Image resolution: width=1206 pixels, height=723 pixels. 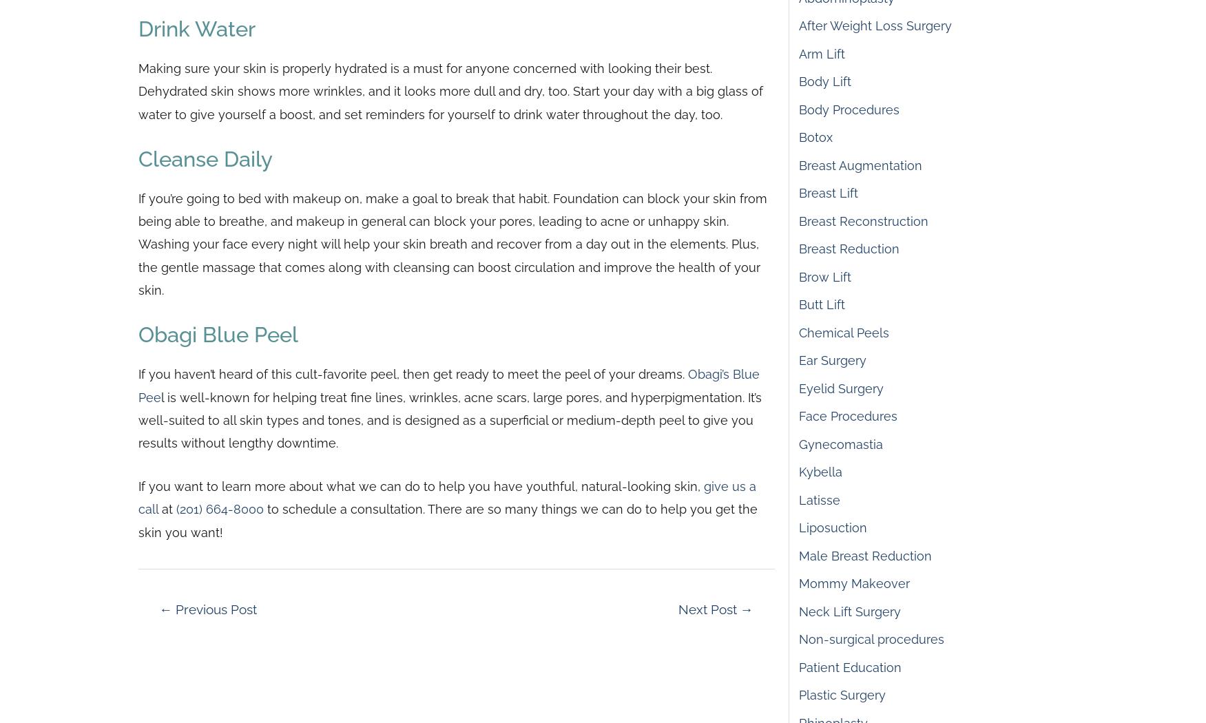 I want to click on '#103', so click(x=678, y=64).